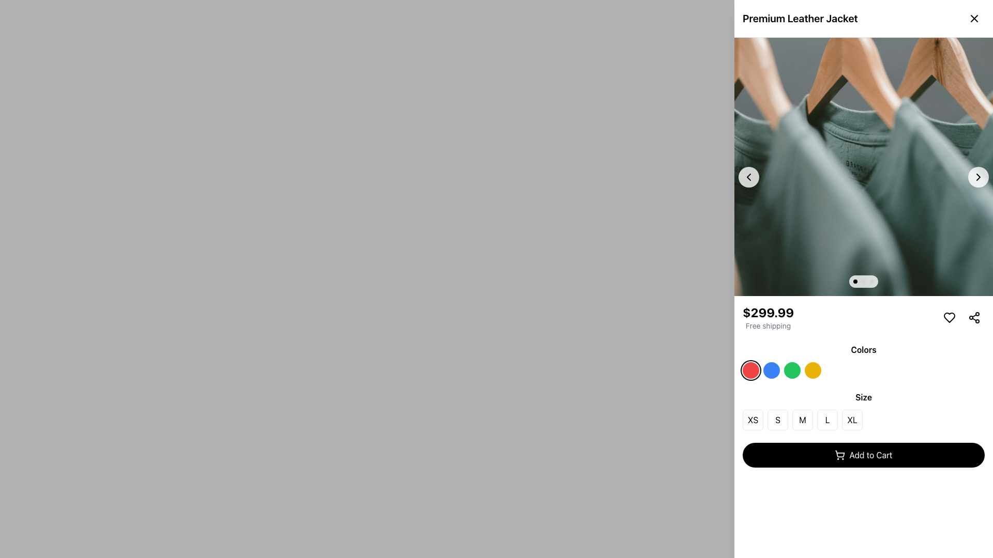  What do you see at coordinates (864, 410) in the screenshot?
I see `the size options in the Interactive size selection section` at bounding box center [864, 410].